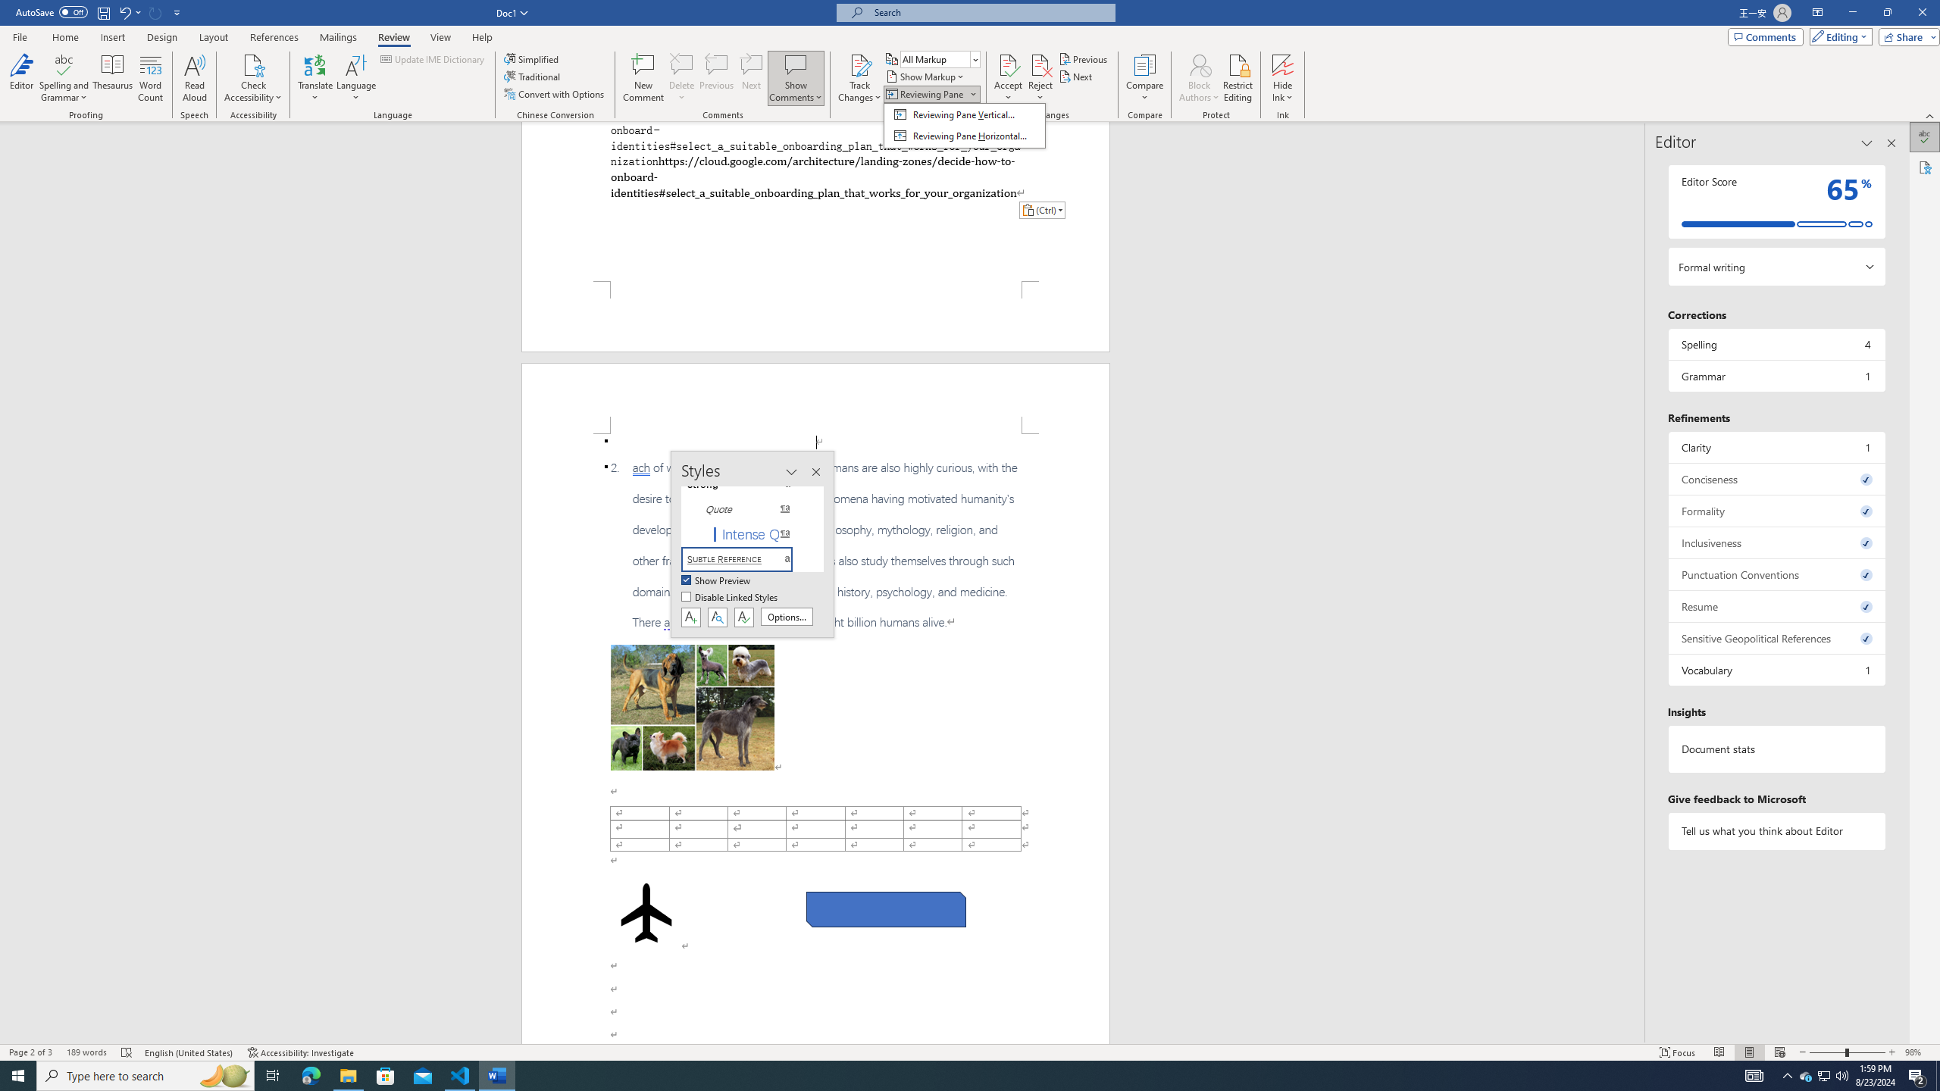  I want to click on 'Block Authors', so click(1199, 64).